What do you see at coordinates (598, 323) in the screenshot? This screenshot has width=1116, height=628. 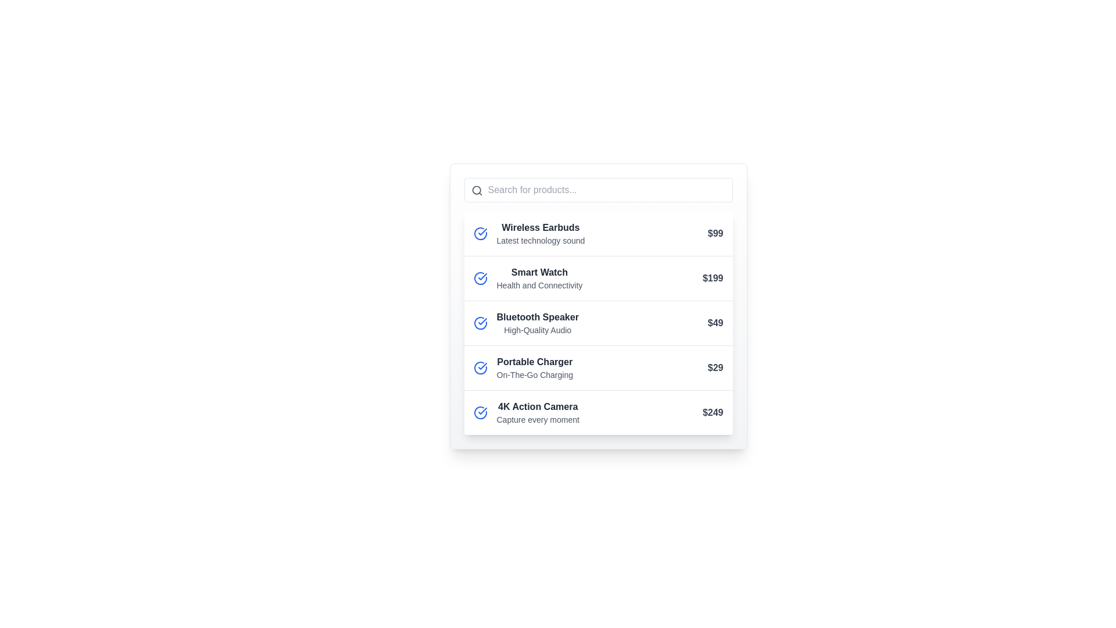 I see `the third Information display card in the vertical list` at bounding box center [598, 323].